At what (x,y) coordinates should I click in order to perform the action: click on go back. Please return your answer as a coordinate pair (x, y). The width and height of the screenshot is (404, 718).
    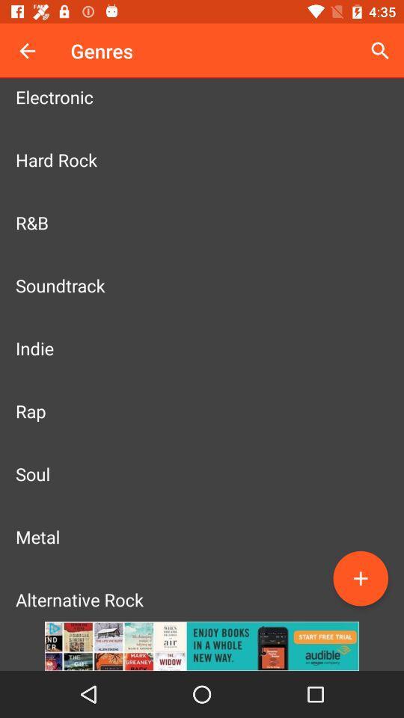
    Looking at the image, I should click on (27, 51).